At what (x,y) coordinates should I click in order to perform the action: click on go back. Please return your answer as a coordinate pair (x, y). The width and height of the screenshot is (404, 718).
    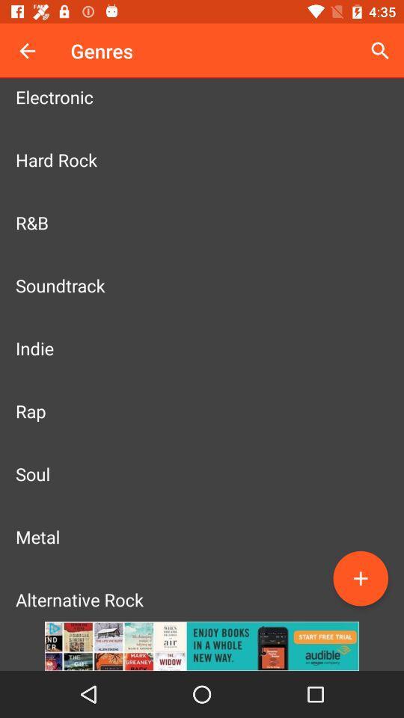
    Looking at the image, I should click on (27, 51).